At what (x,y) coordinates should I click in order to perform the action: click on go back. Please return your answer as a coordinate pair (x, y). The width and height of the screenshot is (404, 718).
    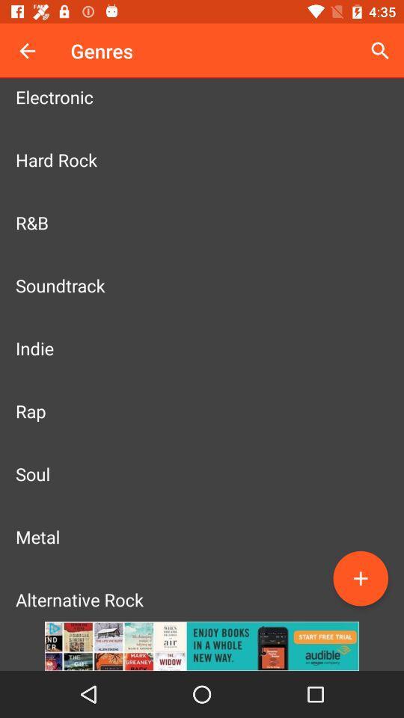
    Looking at the image, I should click on (27, 51).